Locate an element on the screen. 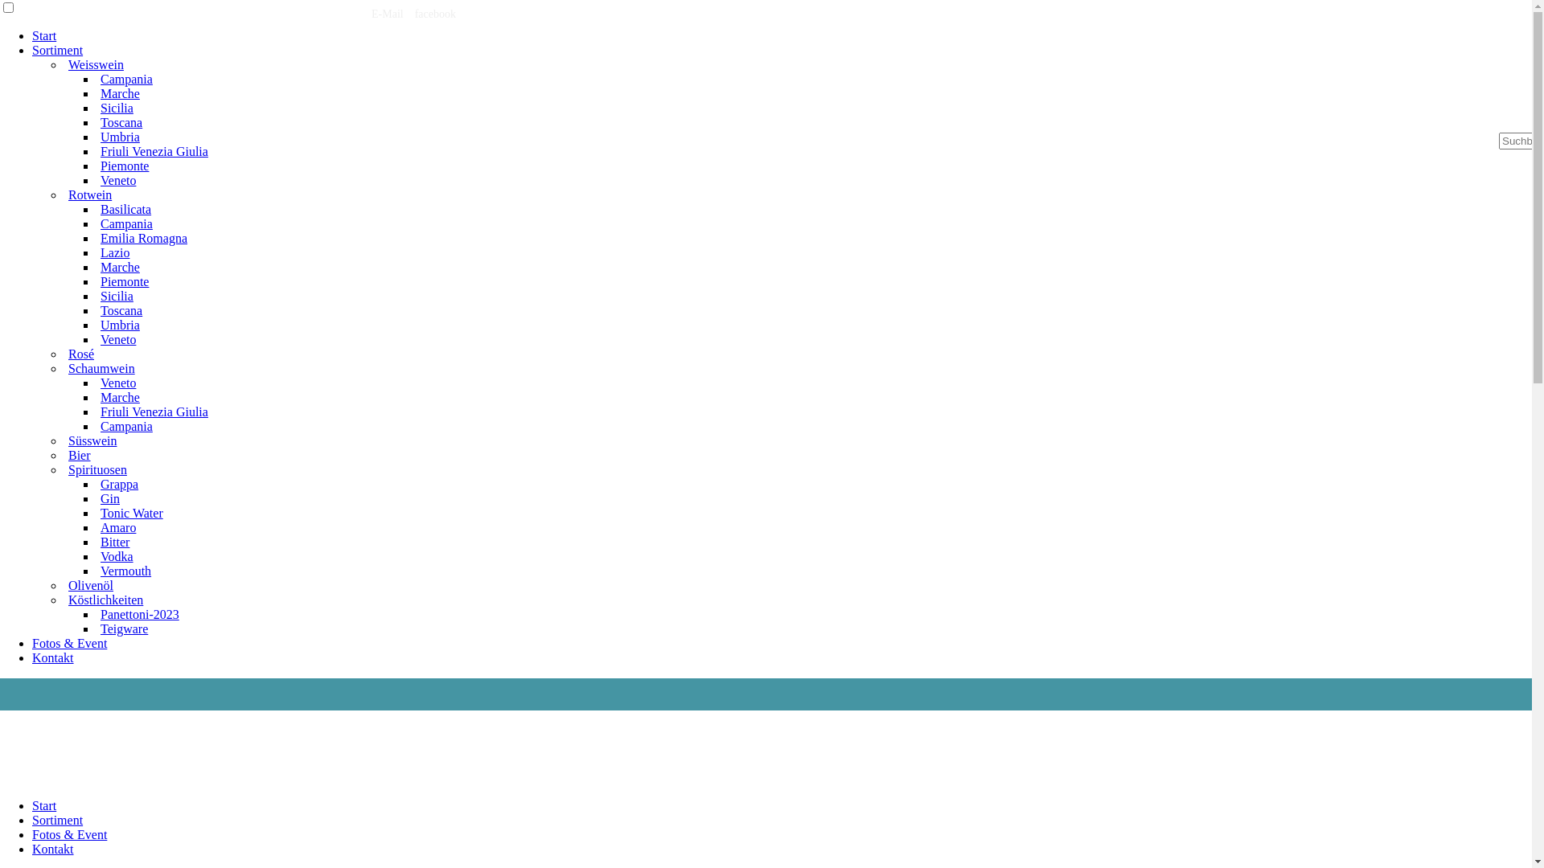  'Veneto' is located at coordinates (96, 338).